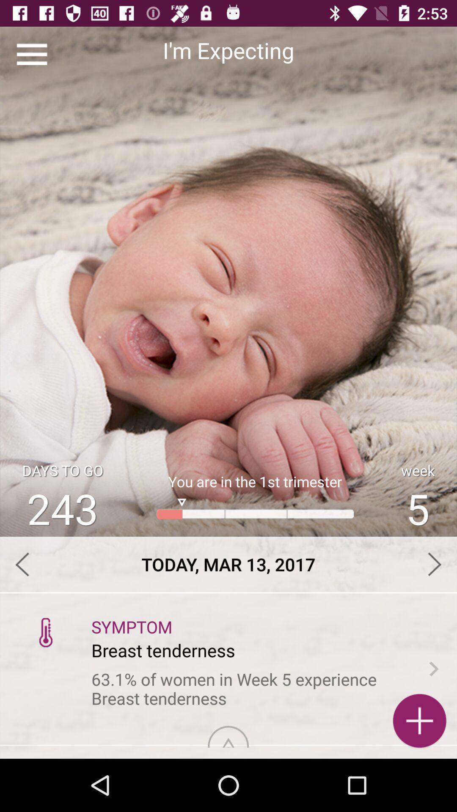  What do you see at coordinates (31, 54) in the screenshot?
I see `the item to the left of the i'm expecting app` at bounding box center [31, 54].